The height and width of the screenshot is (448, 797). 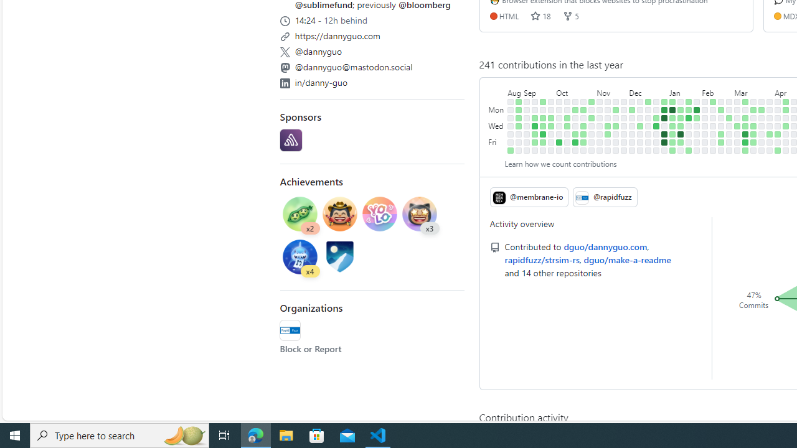 I want to click on 'No contributions on March 7th.', so click(x=737, y=134).